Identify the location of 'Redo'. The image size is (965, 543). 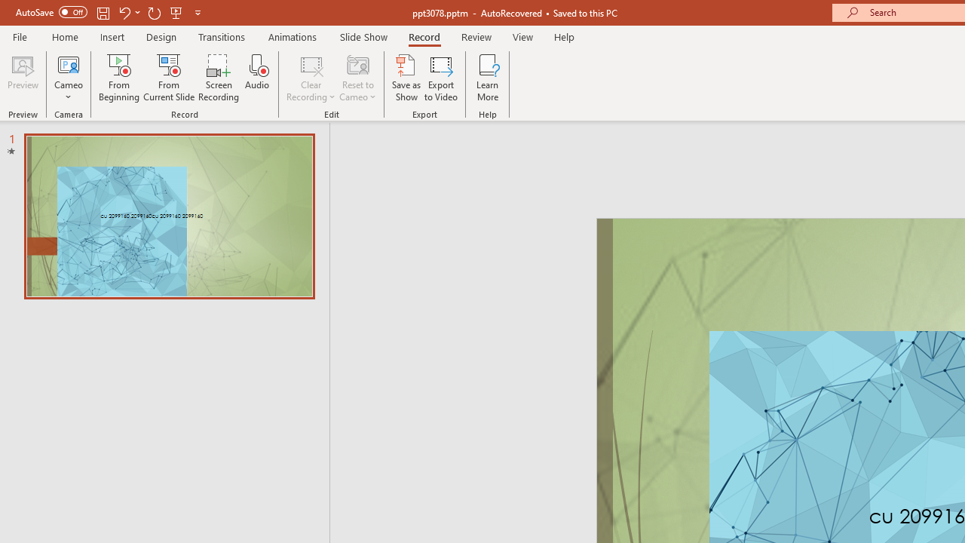
(154, 12).